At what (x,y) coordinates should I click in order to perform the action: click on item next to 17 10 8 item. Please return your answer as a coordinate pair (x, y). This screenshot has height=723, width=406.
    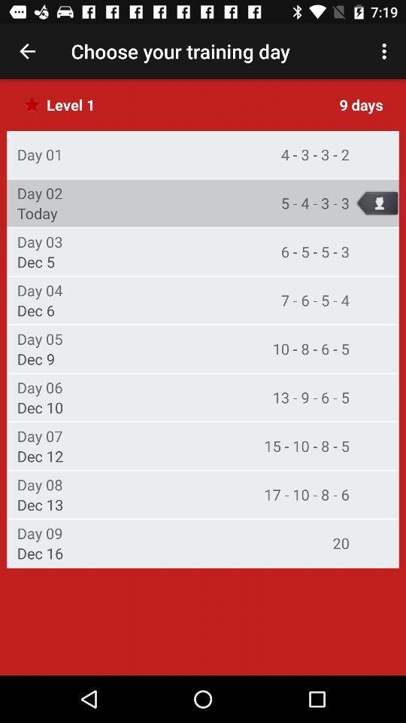
    Looking at the image, I should click on (40, 484).